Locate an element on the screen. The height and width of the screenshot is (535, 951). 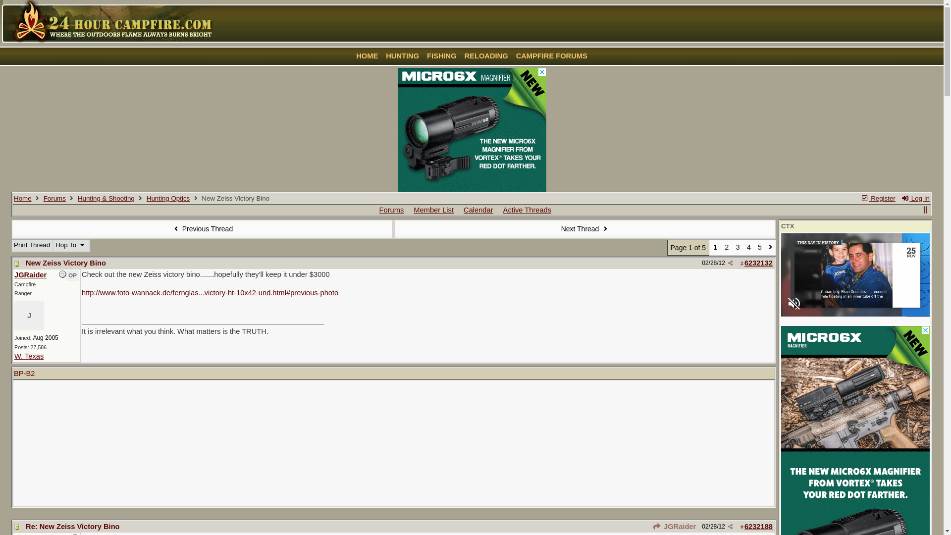
'Forums' is located at coordinates (54, 198).